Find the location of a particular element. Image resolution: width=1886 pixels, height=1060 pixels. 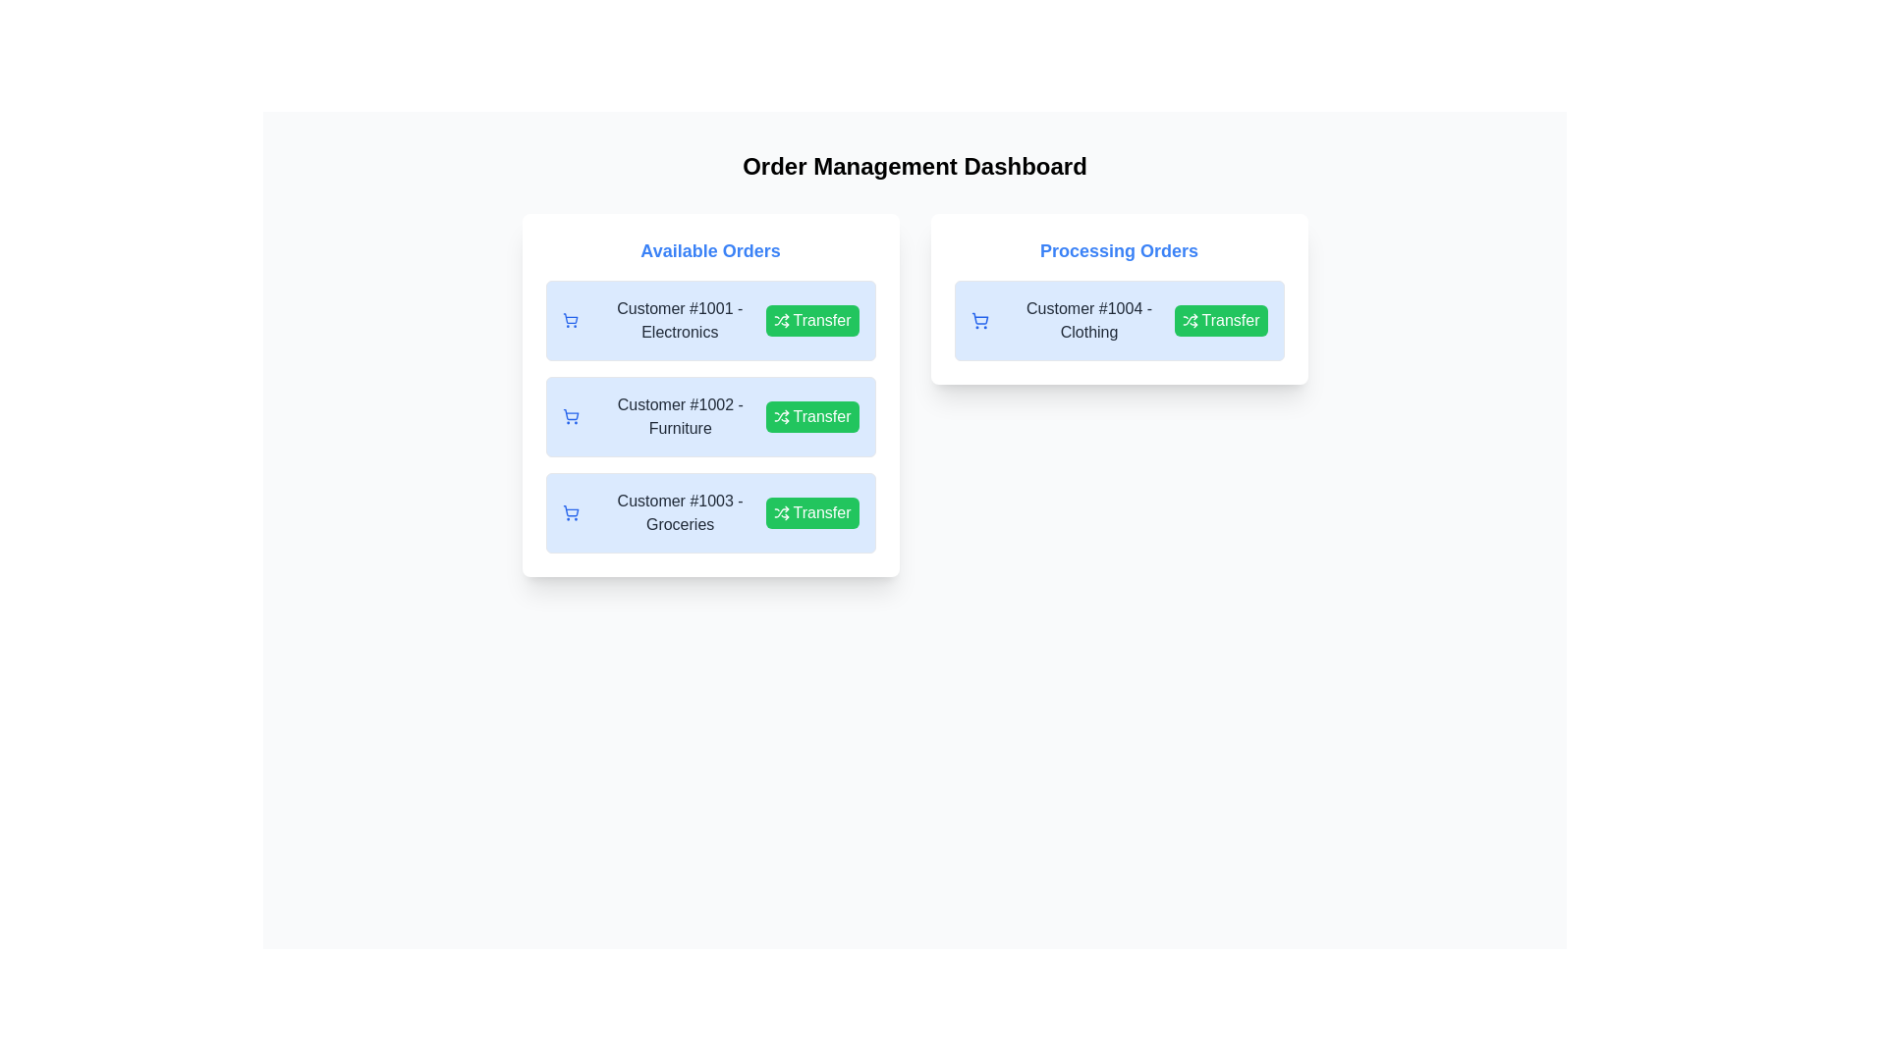

the decorative icon within the green 'Transfer' button for the 'Customer #1003 - Groceries' order in the list of 'Available Orders' is located at coordinates (780, 512).